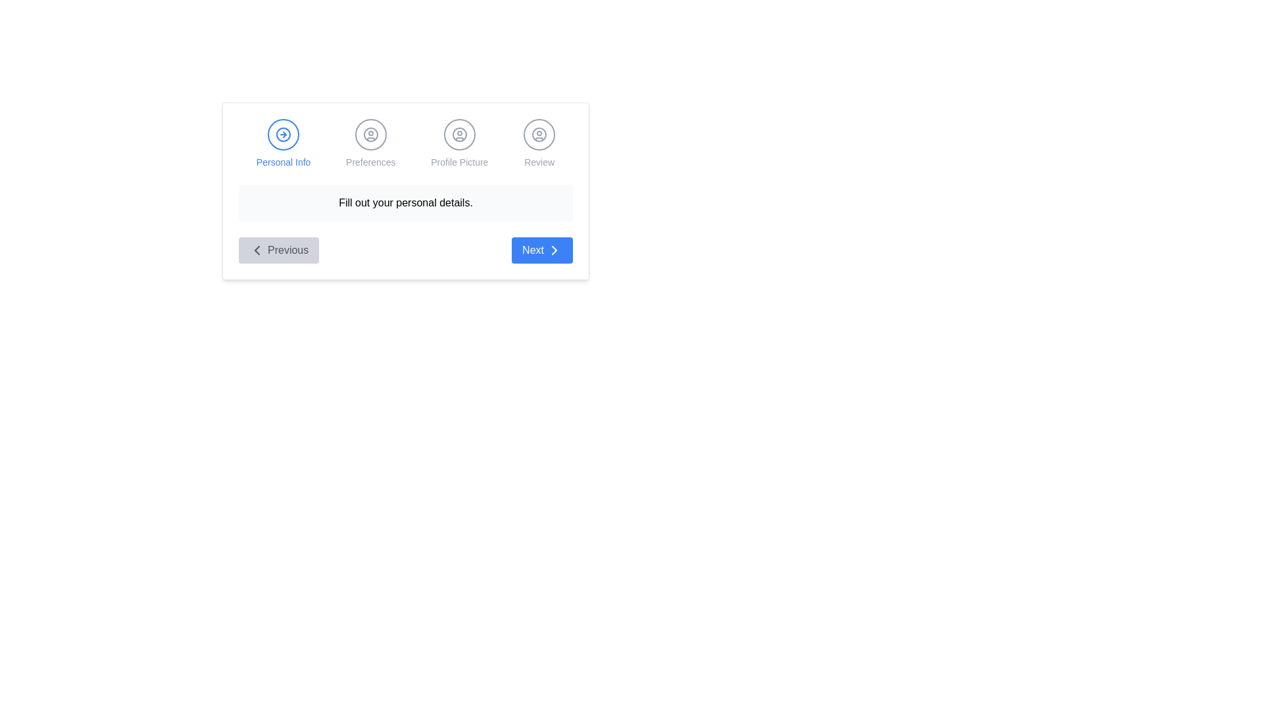  Describe the element at coordinates (555, 250) in the screenshot. I see `the forward navigation icon located at the center-right portion of the 'Next' button in the card interface` at that location.